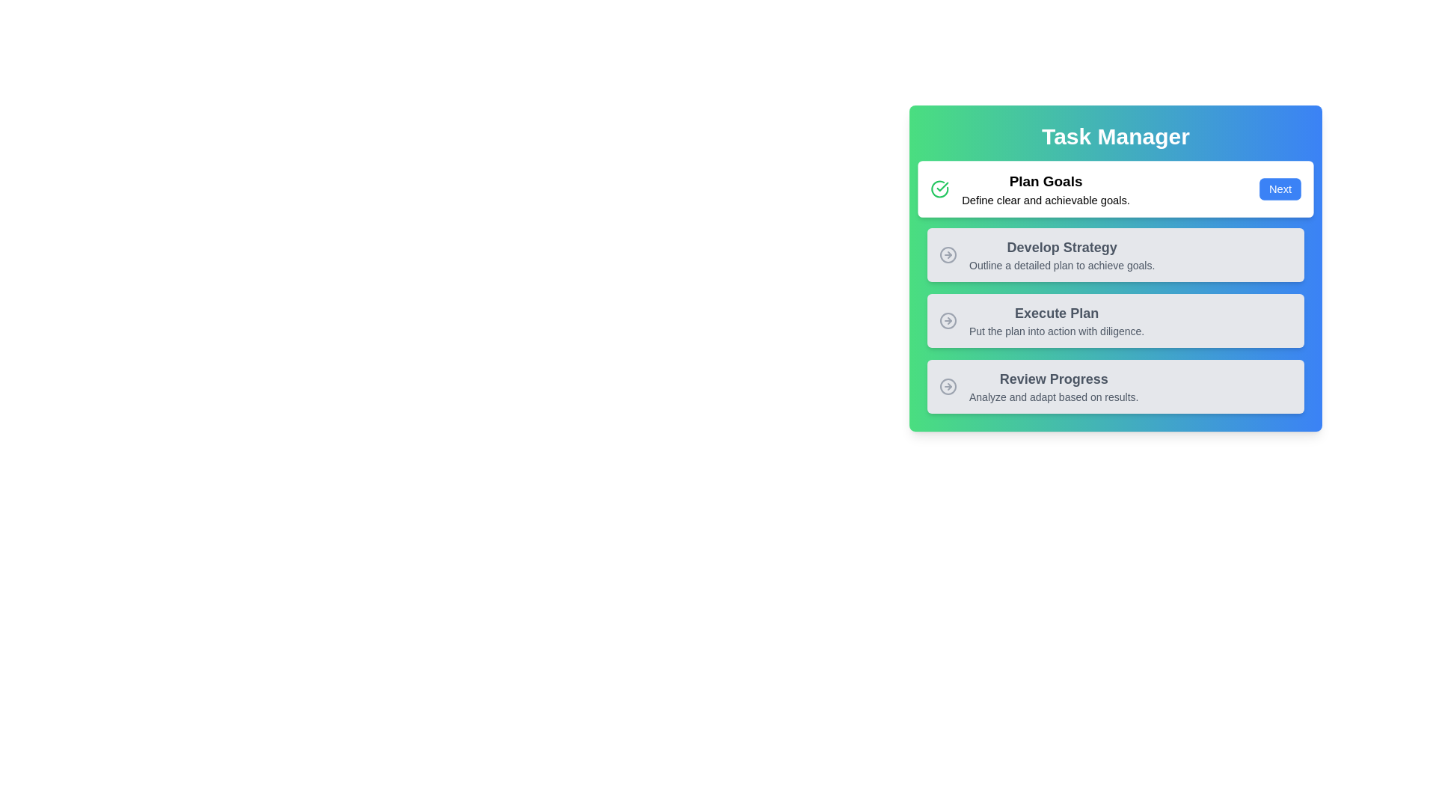 This screenshot has width=1436, height=808. Describe the element at coordinates (1280, 189) in the screenshot. I see `the 'Next' button, which has white text on a blue background and is located on the rightmost side of the 'Plan Goals' row` at that location.